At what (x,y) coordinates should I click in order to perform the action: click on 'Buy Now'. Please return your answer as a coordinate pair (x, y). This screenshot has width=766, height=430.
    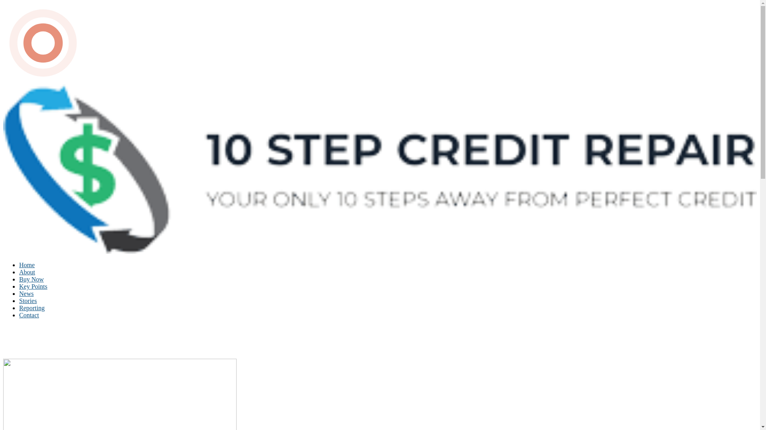
    Looking at the image, I should click on (31, 279).